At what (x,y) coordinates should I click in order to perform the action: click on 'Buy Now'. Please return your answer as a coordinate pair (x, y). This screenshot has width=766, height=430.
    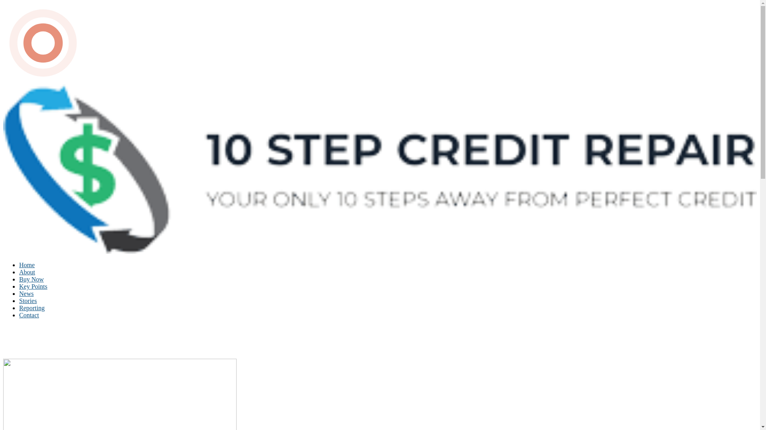
    Looking at the image, I should click on (31, 279).